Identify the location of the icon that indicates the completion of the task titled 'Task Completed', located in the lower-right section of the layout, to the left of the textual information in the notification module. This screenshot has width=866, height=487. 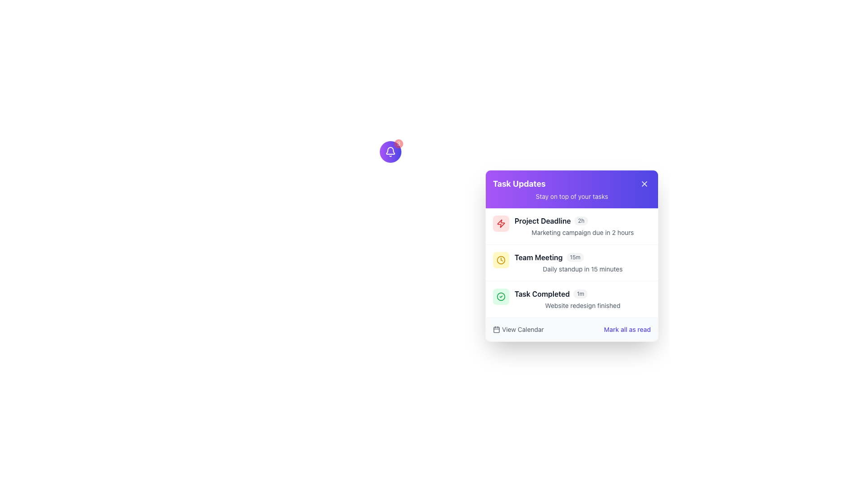
(500, 297).